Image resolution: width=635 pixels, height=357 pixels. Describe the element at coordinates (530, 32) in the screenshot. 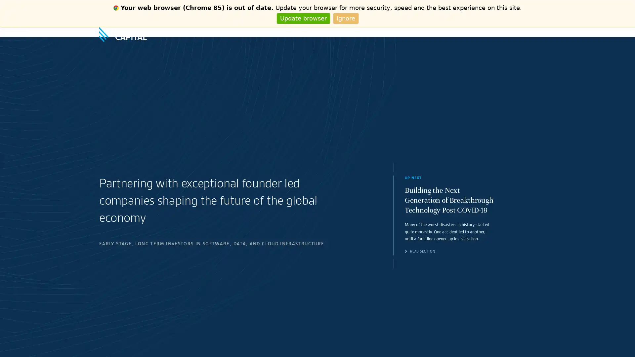

I see `MENU` at that location.